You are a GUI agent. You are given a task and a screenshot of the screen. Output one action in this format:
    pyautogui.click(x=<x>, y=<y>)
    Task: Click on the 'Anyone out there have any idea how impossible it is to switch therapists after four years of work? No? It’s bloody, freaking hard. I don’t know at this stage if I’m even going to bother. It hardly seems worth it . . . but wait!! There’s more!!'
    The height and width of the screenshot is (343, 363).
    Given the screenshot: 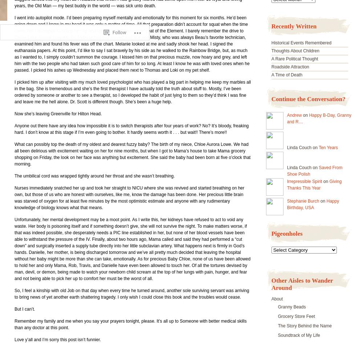 What is the action you would take?
    pyautogui.click(x=15, y=129)
    